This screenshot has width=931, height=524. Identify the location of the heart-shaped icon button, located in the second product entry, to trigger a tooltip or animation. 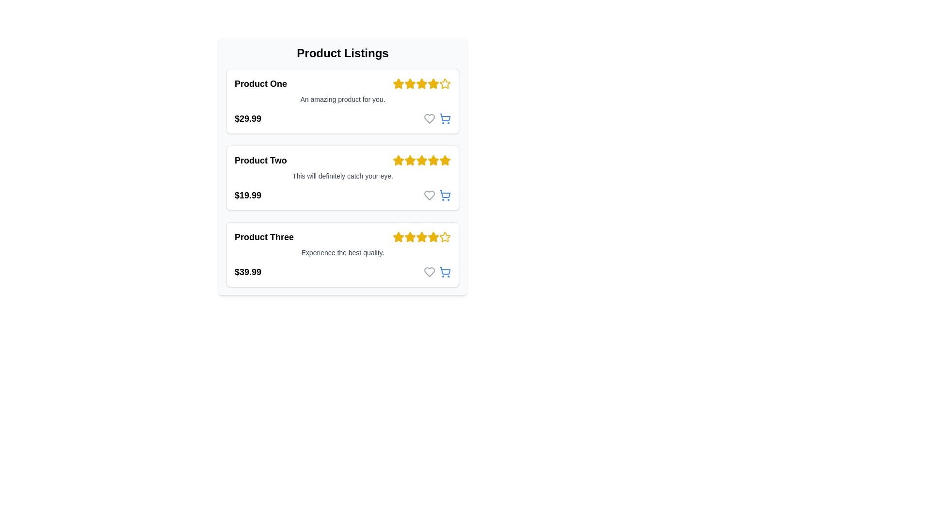
(429, 195).